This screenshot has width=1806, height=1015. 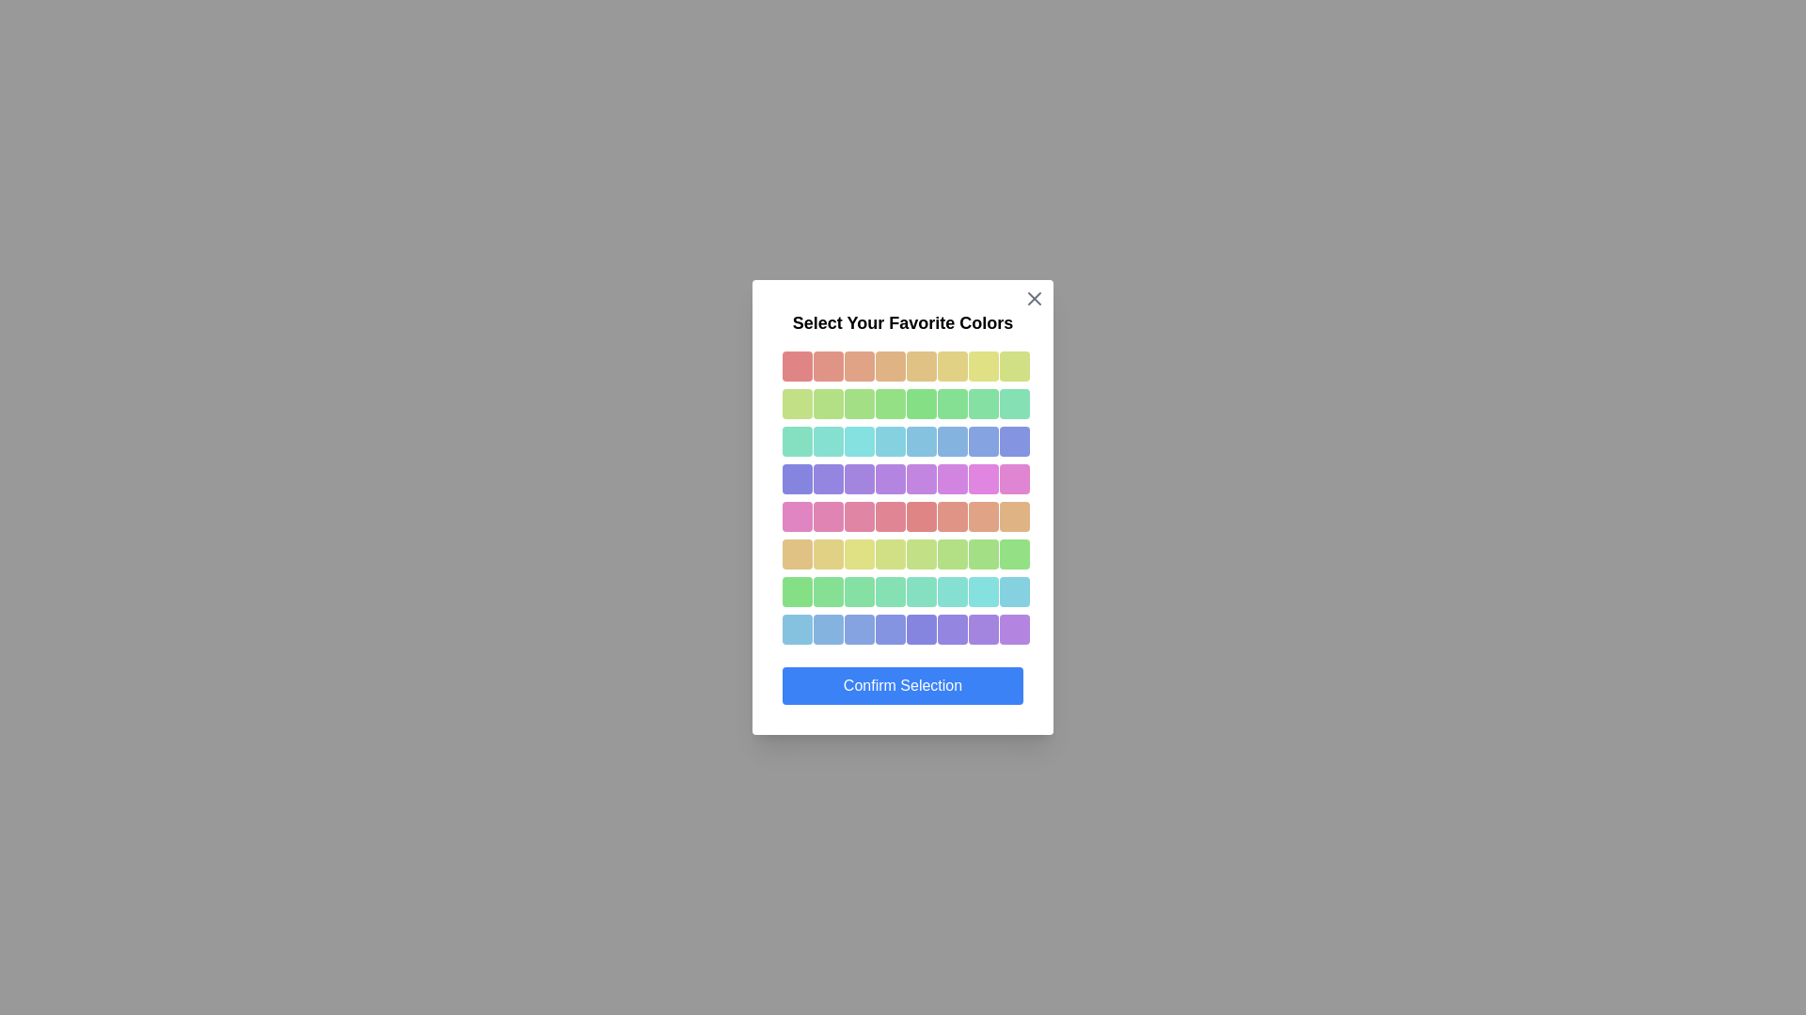 What do you see at coordinates (903, 685) in the screenshot?
I see `the 'Confirm Selection' button to finalize the color choices` at bounding box center [903, 685].